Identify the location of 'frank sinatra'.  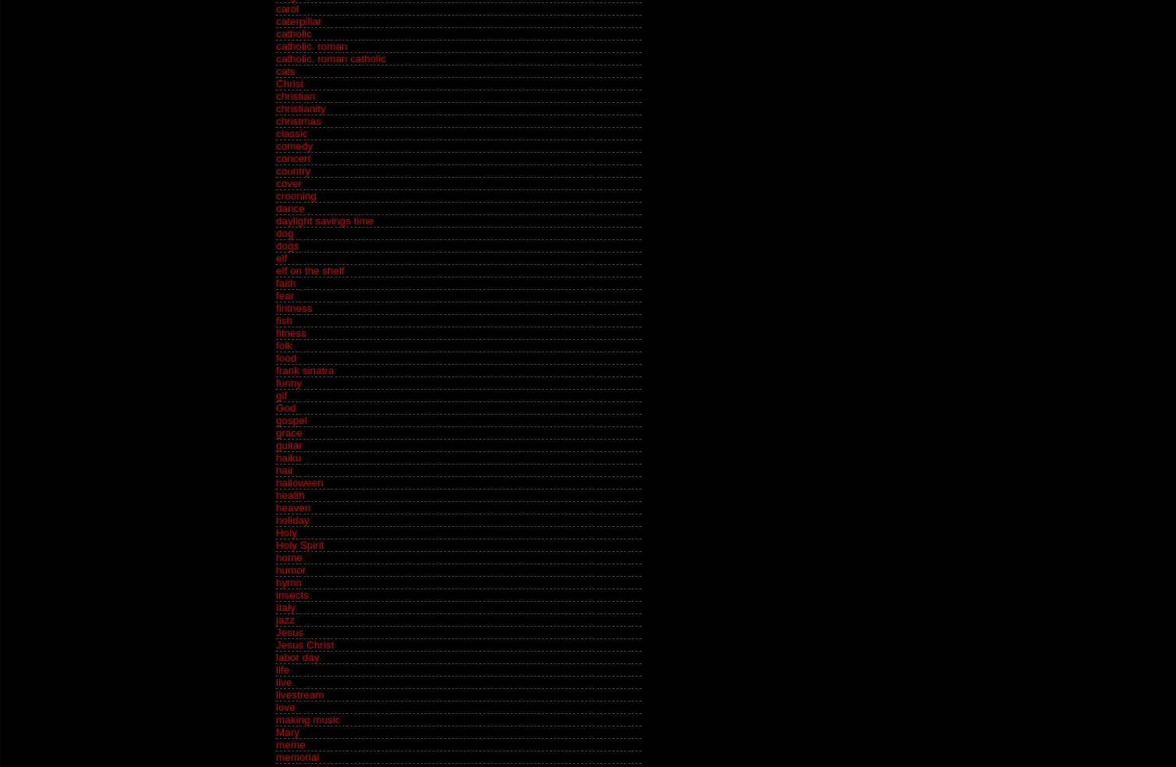
(305, 370).